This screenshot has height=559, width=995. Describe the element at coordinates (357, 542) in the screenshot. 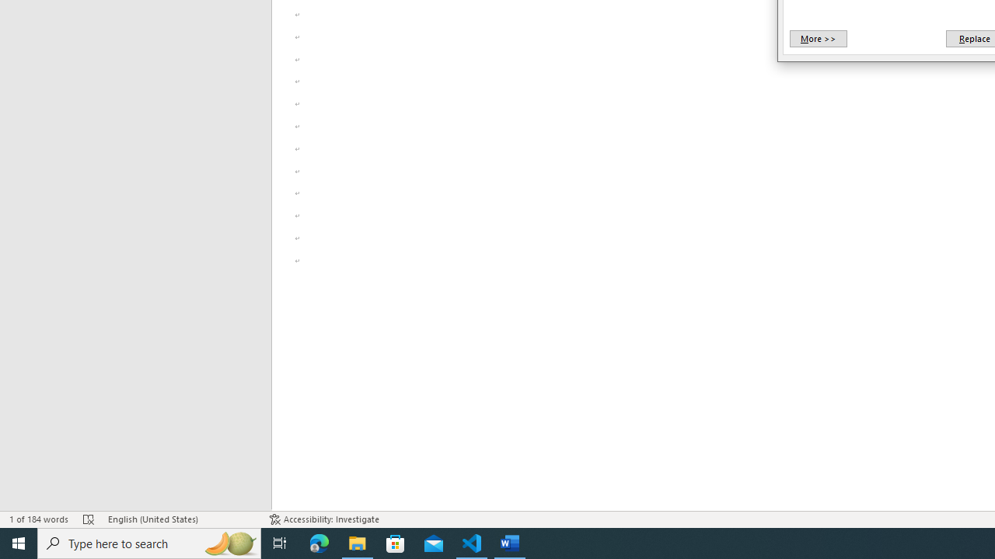

I see `'File Explorer - 1 running window'` at that location.